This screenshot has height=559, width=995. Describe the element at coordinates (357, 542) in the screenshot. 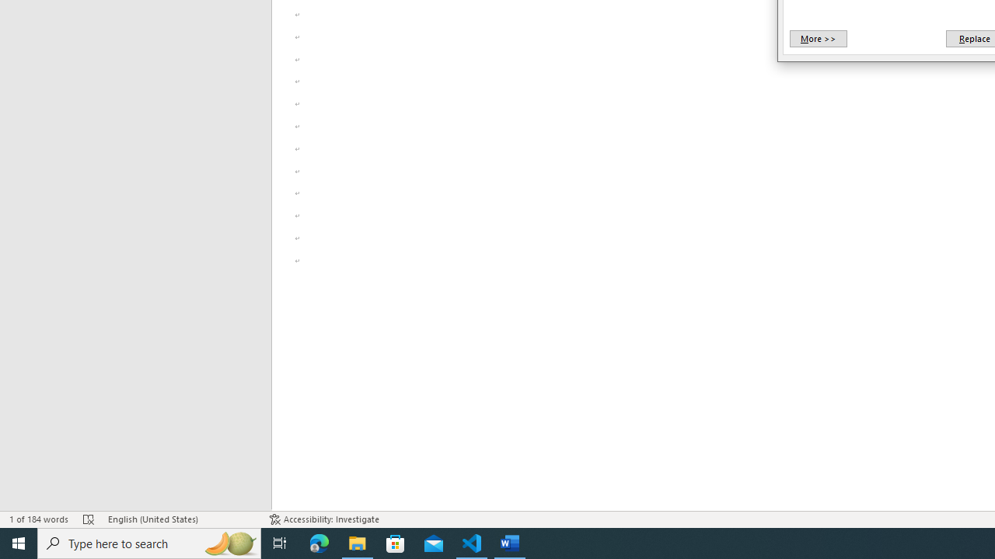

I see `'File Explorer - 1 running window'` at that location.